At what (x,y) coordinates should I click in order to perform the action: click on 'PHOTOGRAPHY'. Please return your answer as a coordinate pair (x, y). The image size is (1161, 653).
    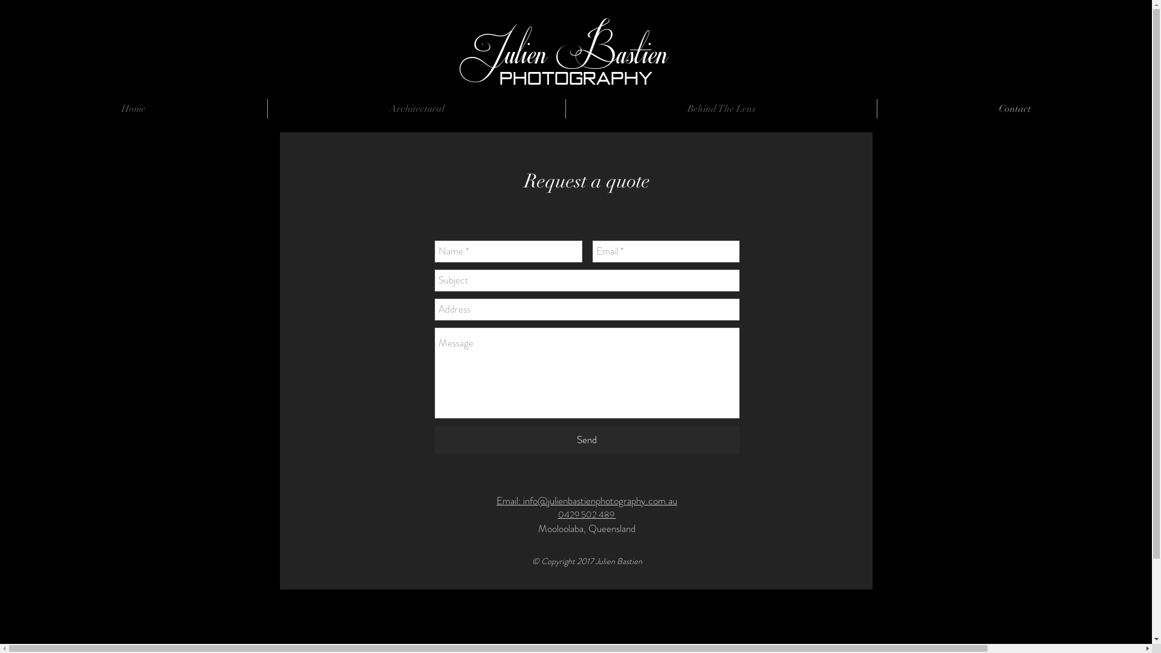
    Looking at the image, I should click on (575, 78).